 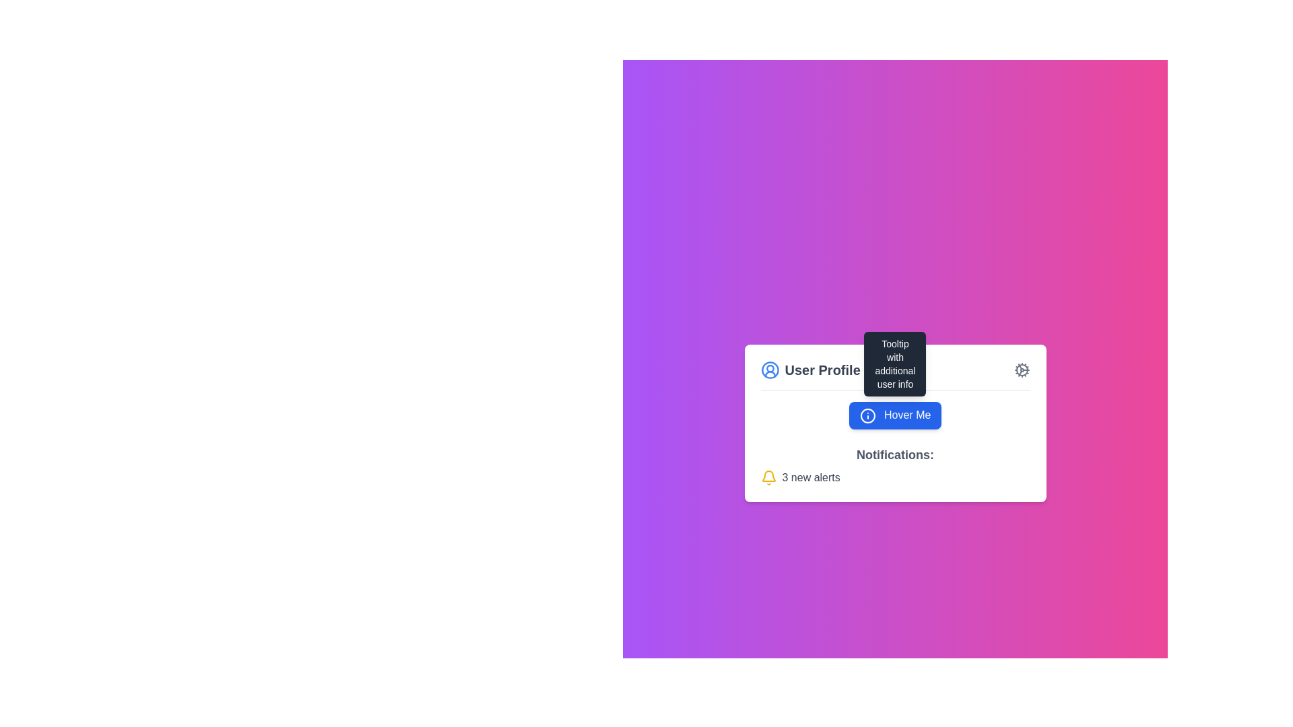 I want to click on the outermost circular graphical representation of the cog icon located in the top-right corner of the user interface, adjacent to the 'User Profile' text, so click(x=1022, y=370).